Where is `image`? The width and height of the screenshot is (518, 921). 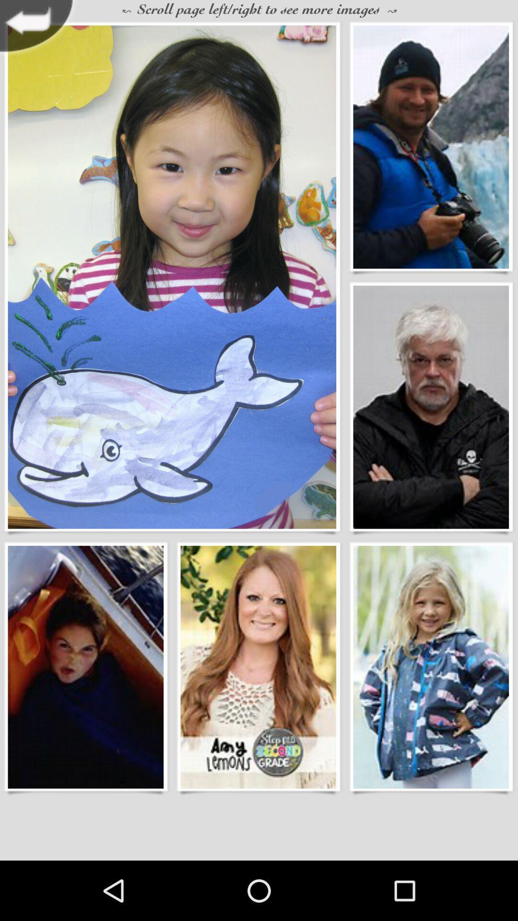 image is located at coordinates (258, 666).